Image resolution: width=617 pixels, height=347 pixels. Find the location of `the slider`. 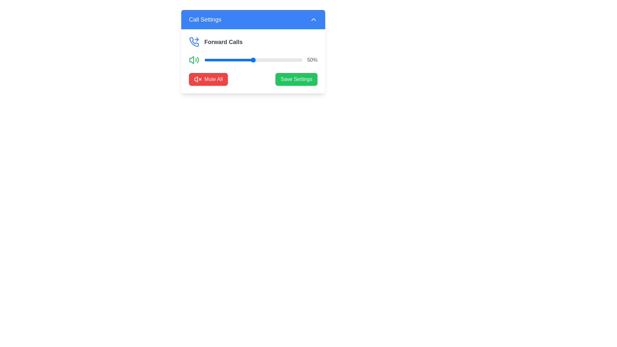

the slider is located at coordinates (228, 60).